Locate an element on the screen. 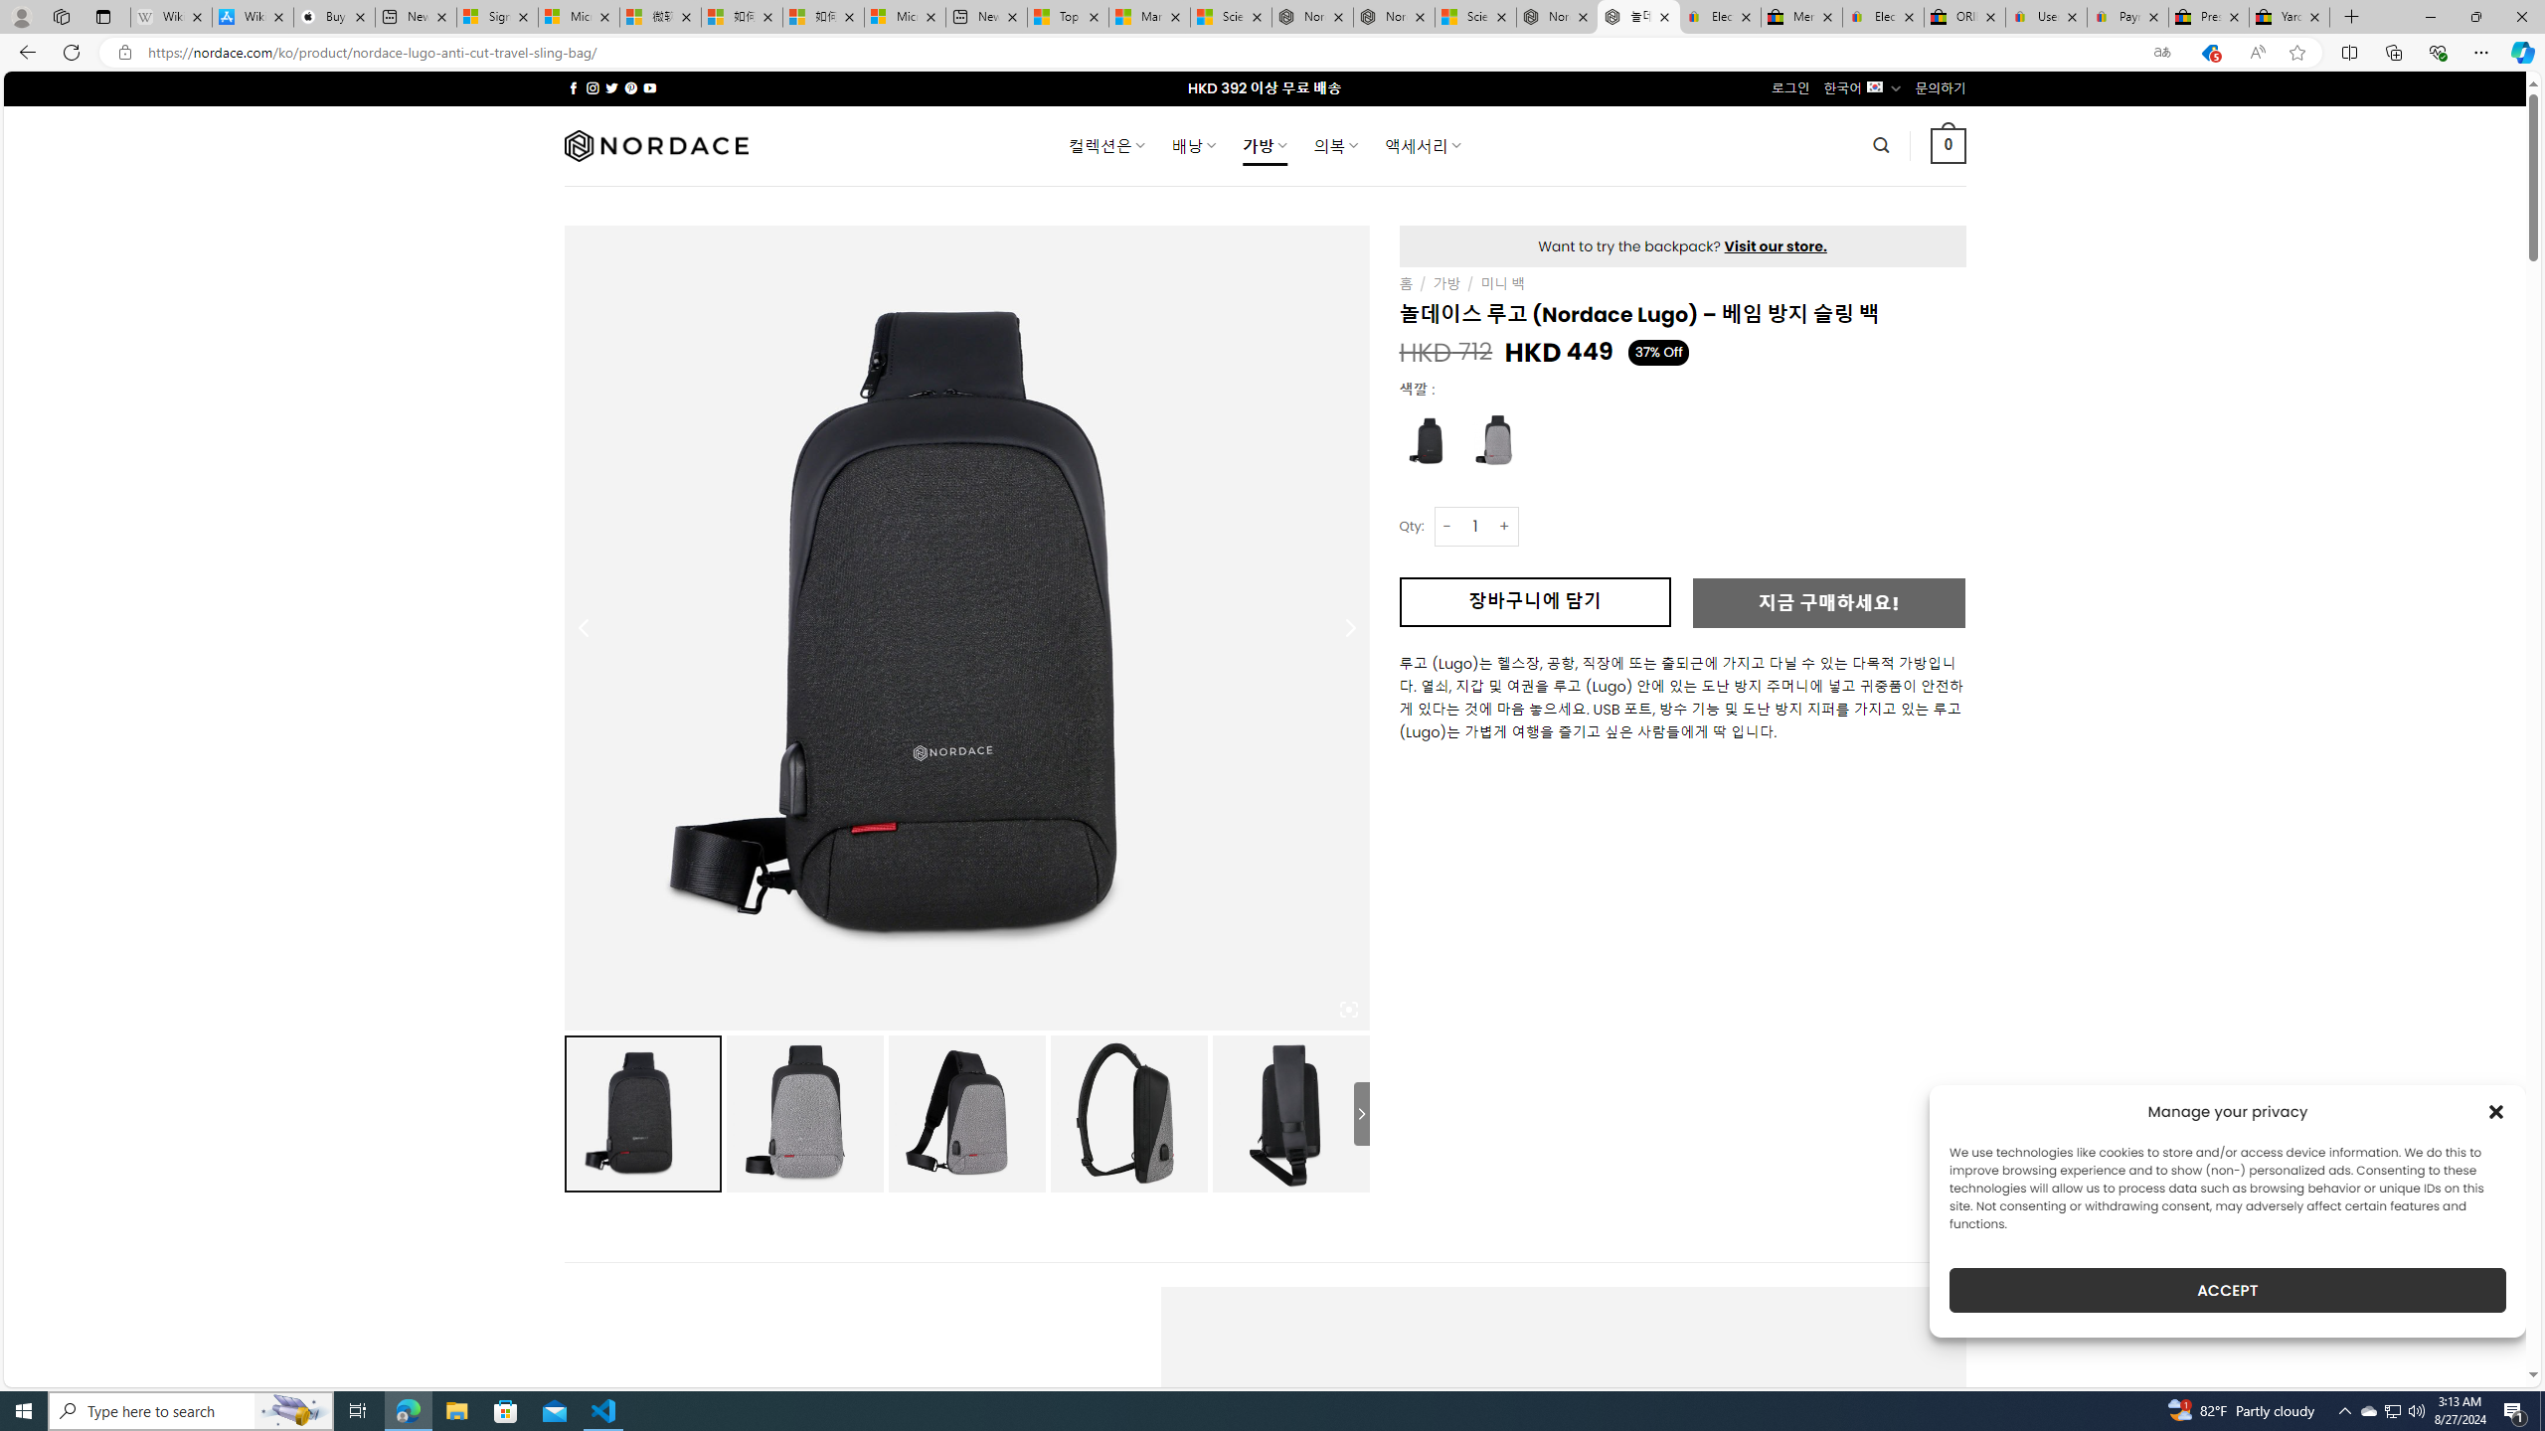 This screenshot has width=2545, height=1431. 'Class: cmplz-close' is located at coordinates (2496, 1111).